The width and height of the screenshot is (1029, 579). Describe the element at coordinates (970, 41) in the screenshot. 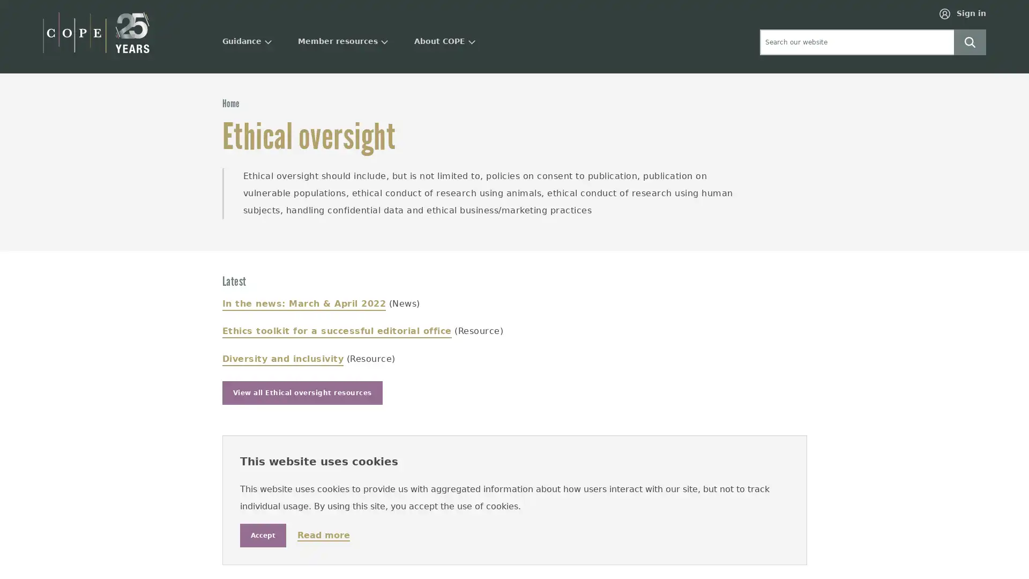

I see `Search` at that location.